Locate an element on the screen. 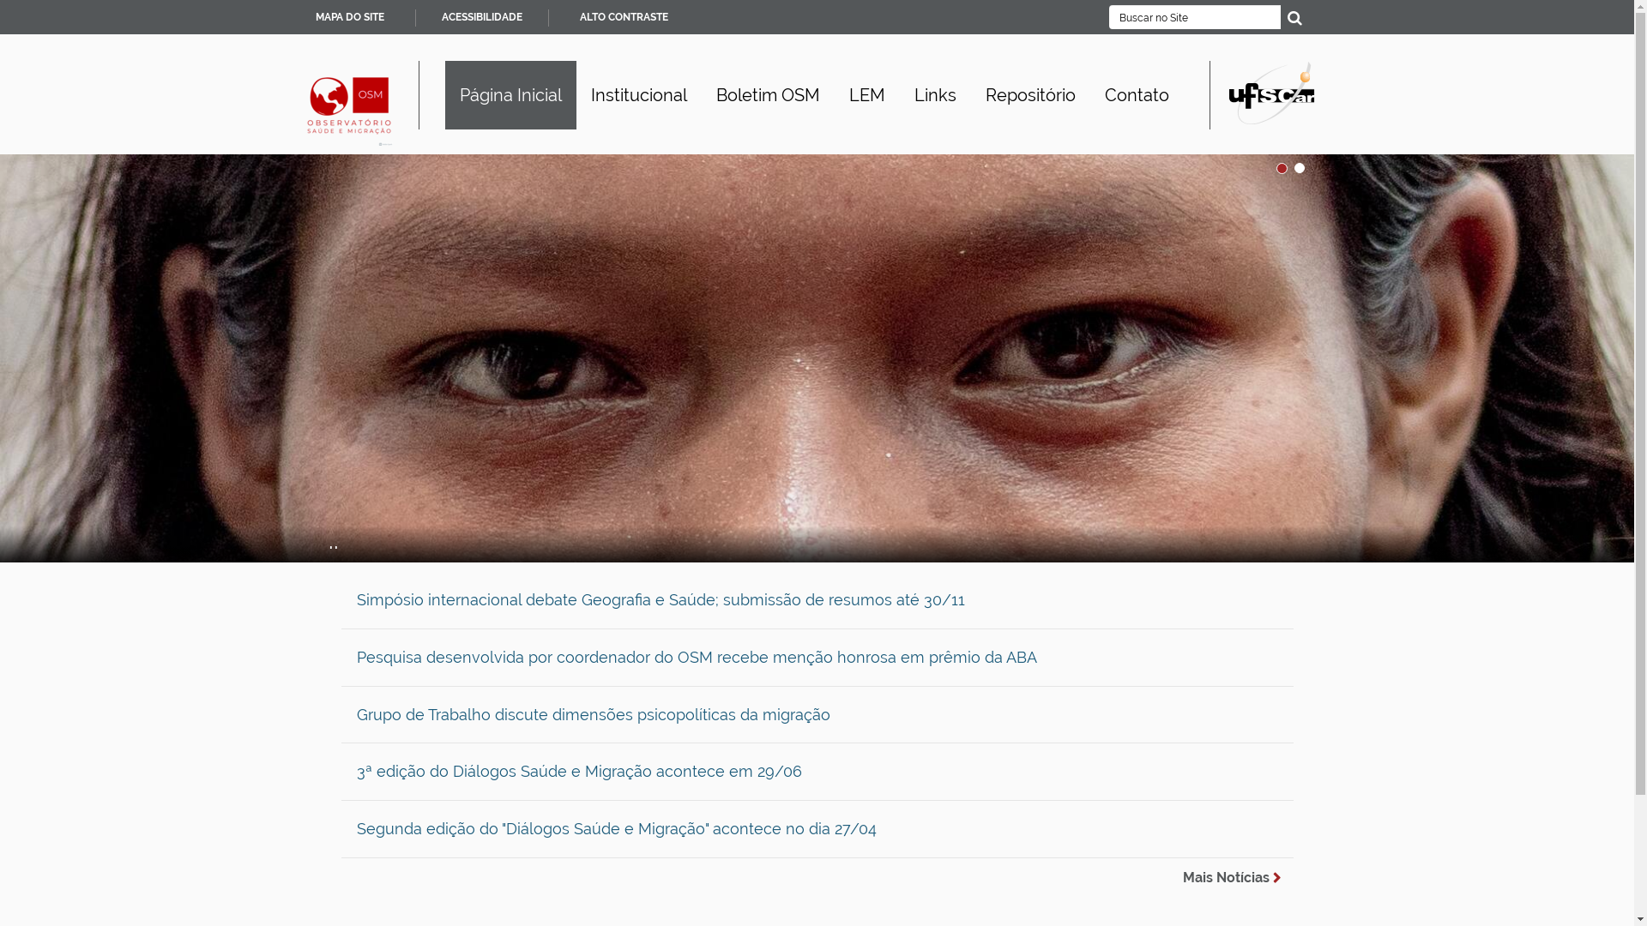 The image size is (1647, 926). 'Institucional' is located at coordinates (637, 95).